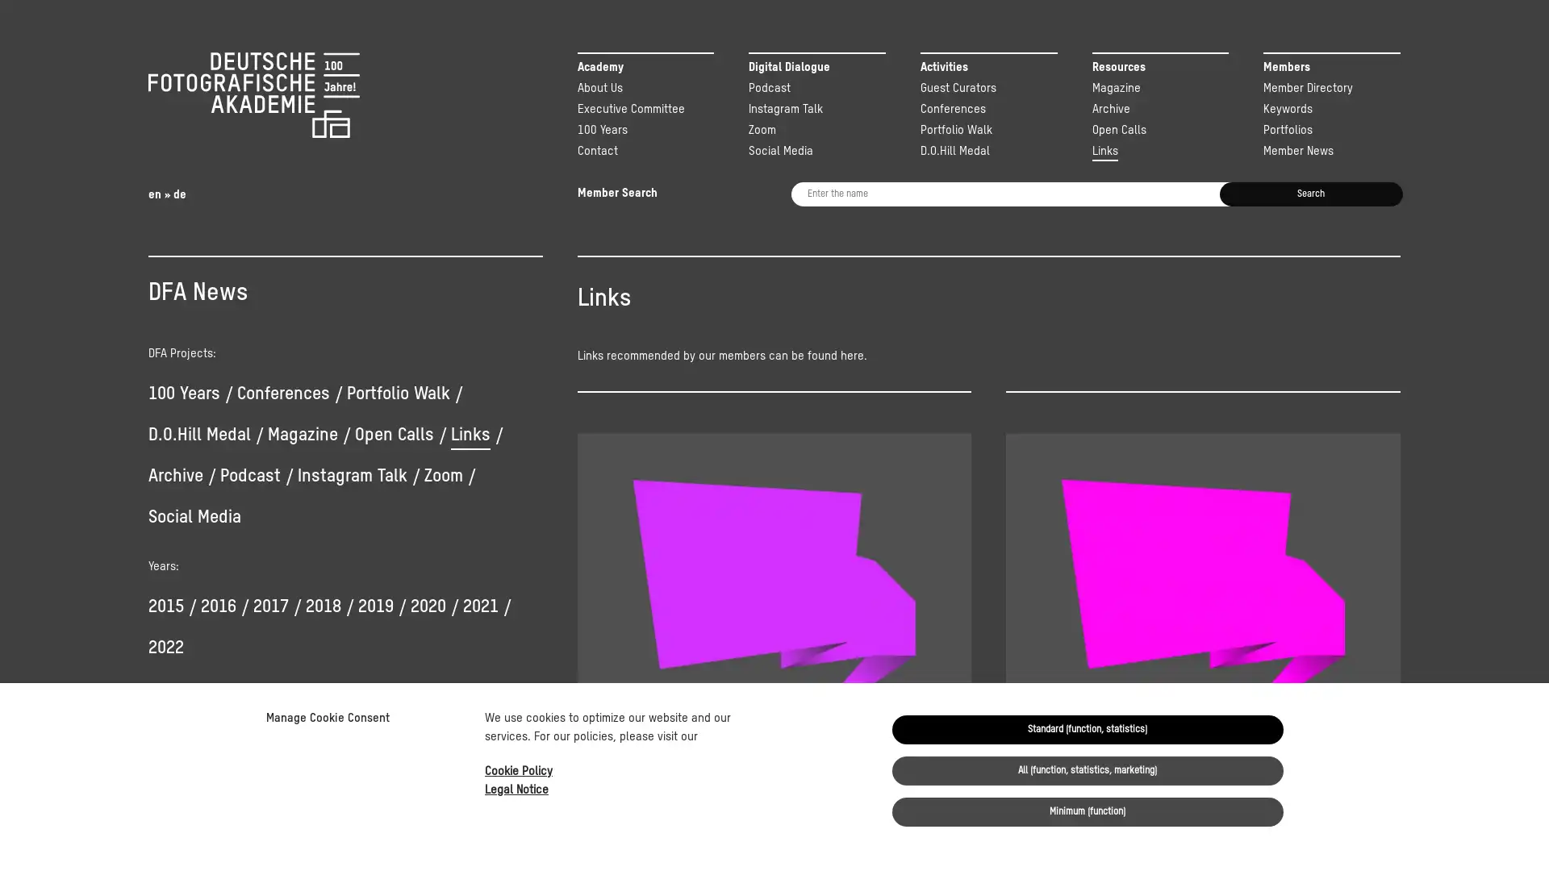 The height and width of the screenshot is (871, 1549). What do you see at coordinates (175, 475) in the screenshot?
I see `Archive` at bounding box center [175, 475].